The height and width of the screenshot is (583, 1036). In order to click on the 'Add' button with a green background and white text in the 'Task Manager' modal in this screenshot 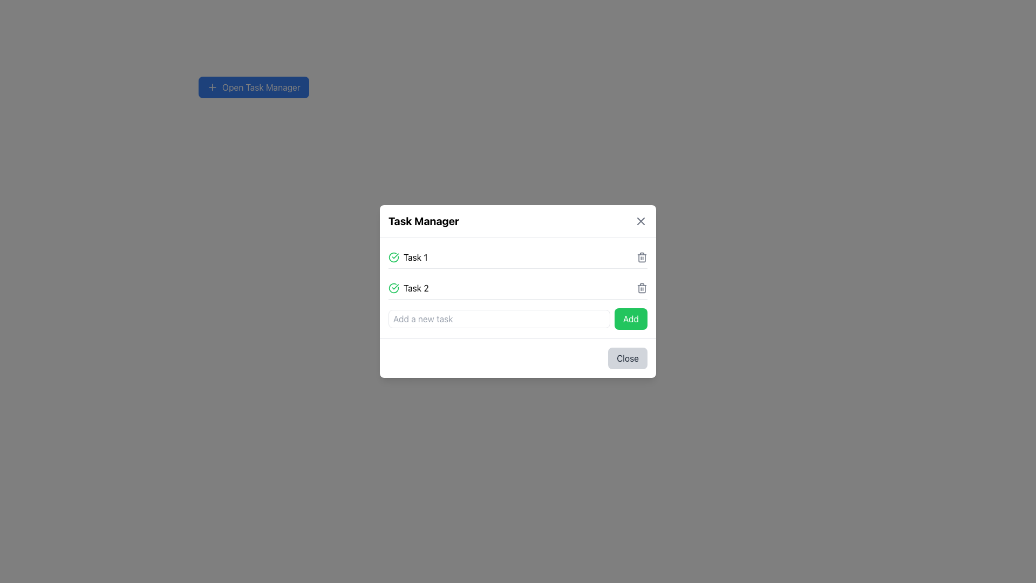, I will do `click(631, 318)`.